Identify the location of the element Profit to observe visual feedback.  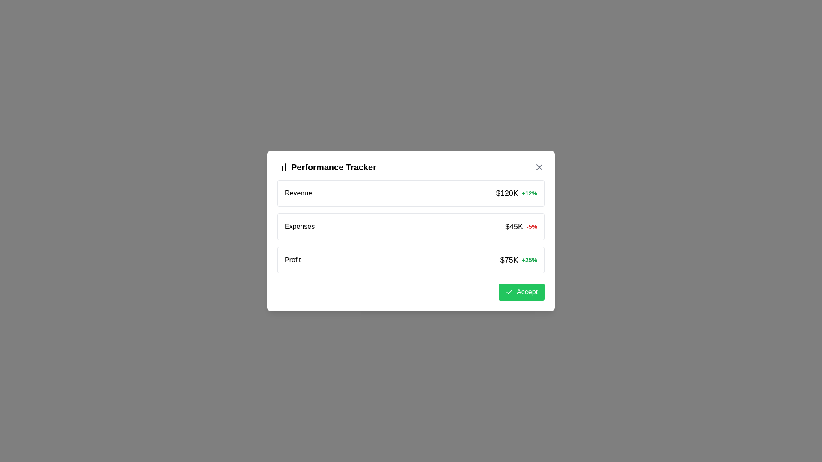
(411, 260).